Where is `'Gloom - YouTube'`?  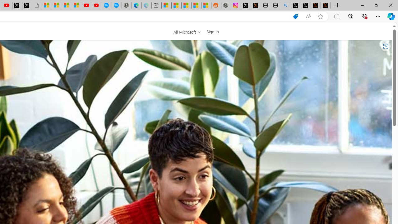
'Gloom - YouTube' is located at coordinates (86, 5).